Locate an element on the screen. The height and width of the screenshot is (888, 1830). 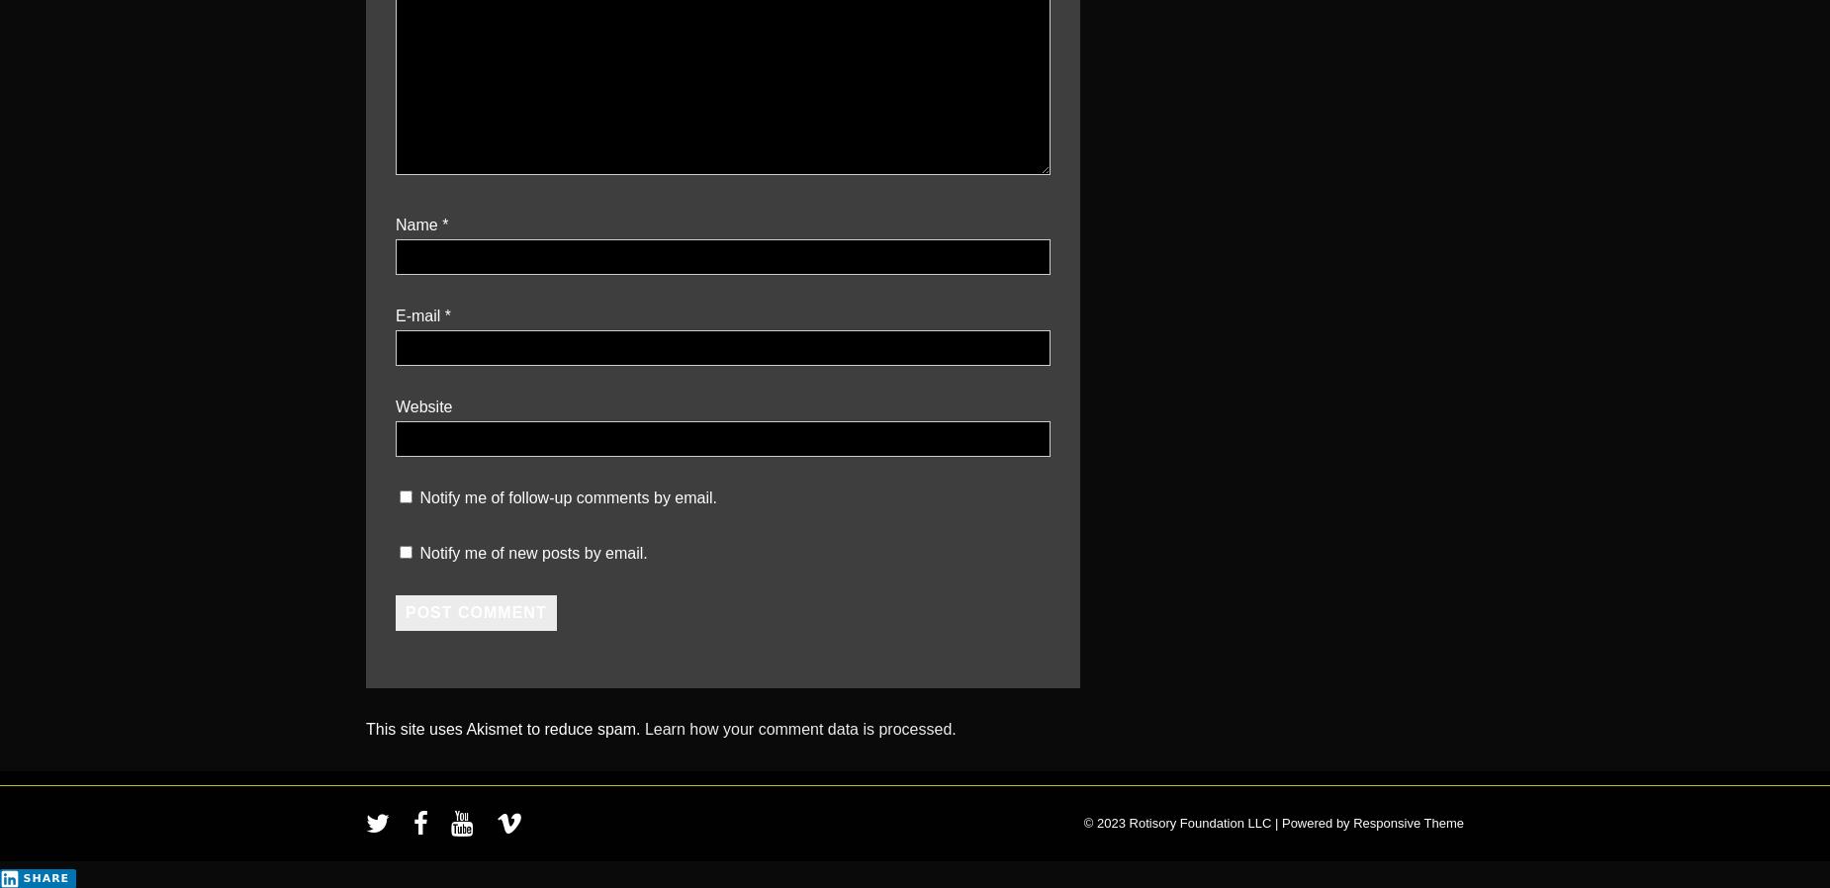
'Responsive Theme' is located at coordinates (1408, 823).